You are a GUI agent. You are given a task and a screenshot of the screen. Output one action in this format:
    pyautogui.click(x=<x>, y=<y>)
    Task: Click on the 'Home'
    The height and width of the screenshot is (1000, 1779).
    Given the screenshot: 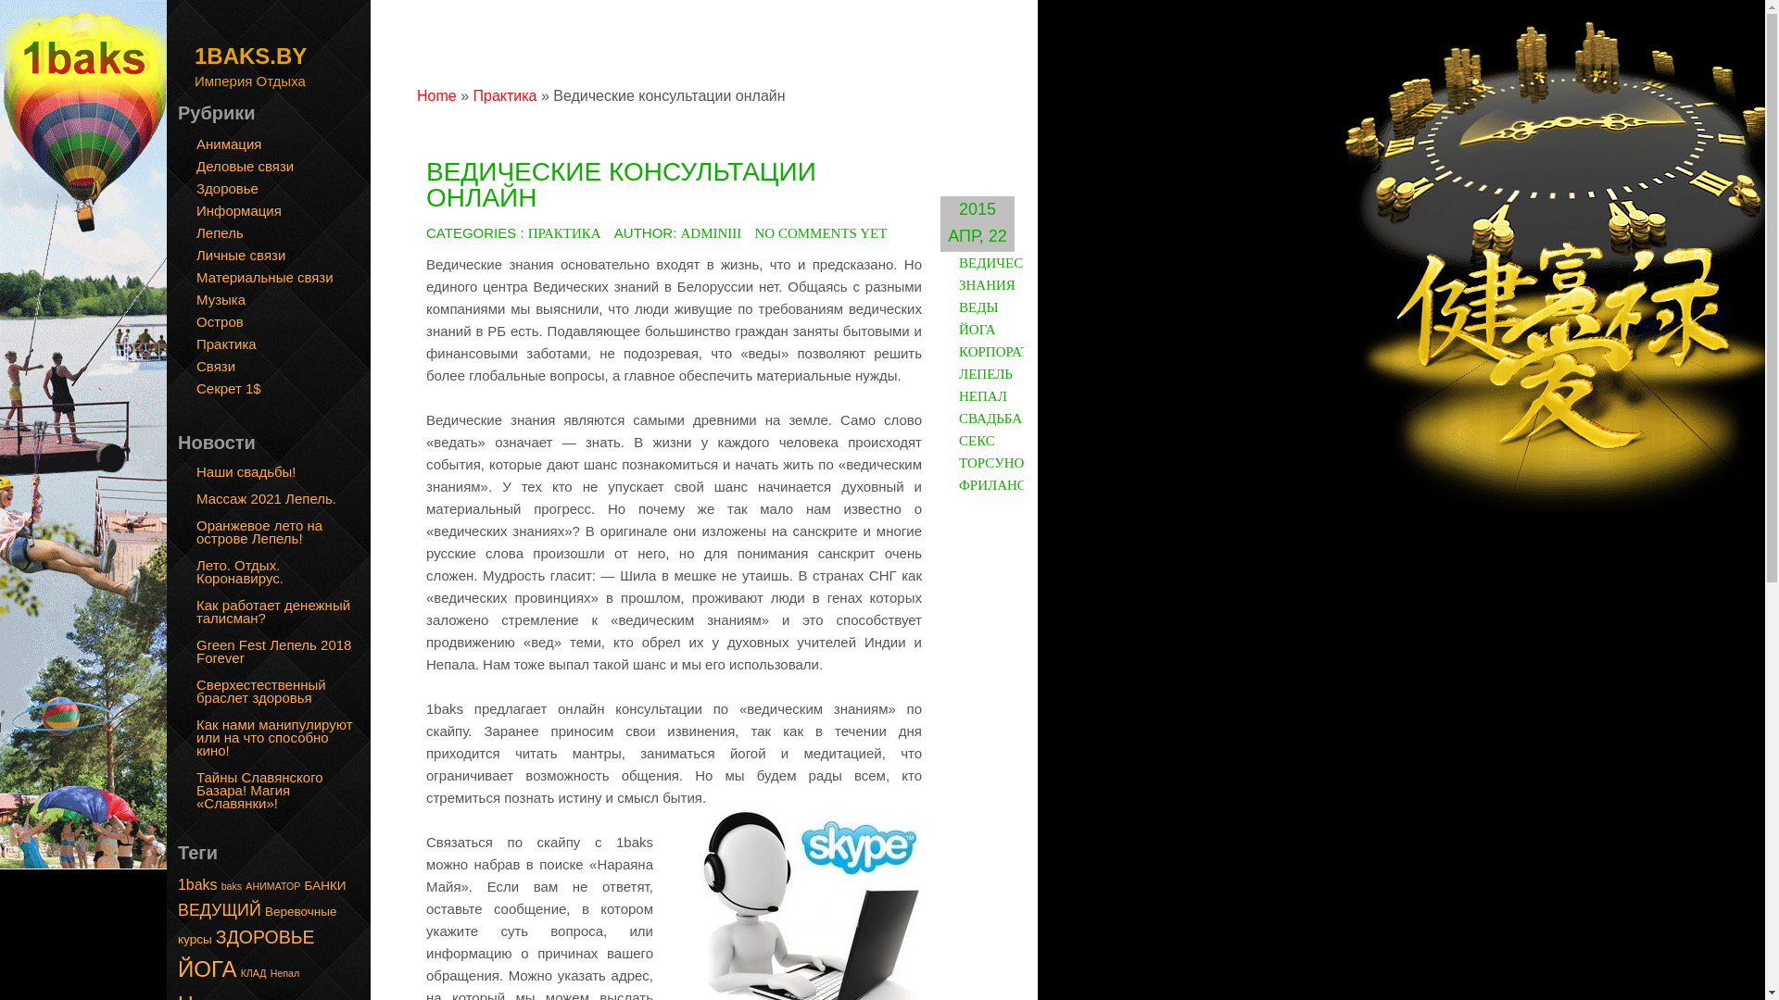 What is the action you would take?
    pyautogui.click(x=416, y=95)
    